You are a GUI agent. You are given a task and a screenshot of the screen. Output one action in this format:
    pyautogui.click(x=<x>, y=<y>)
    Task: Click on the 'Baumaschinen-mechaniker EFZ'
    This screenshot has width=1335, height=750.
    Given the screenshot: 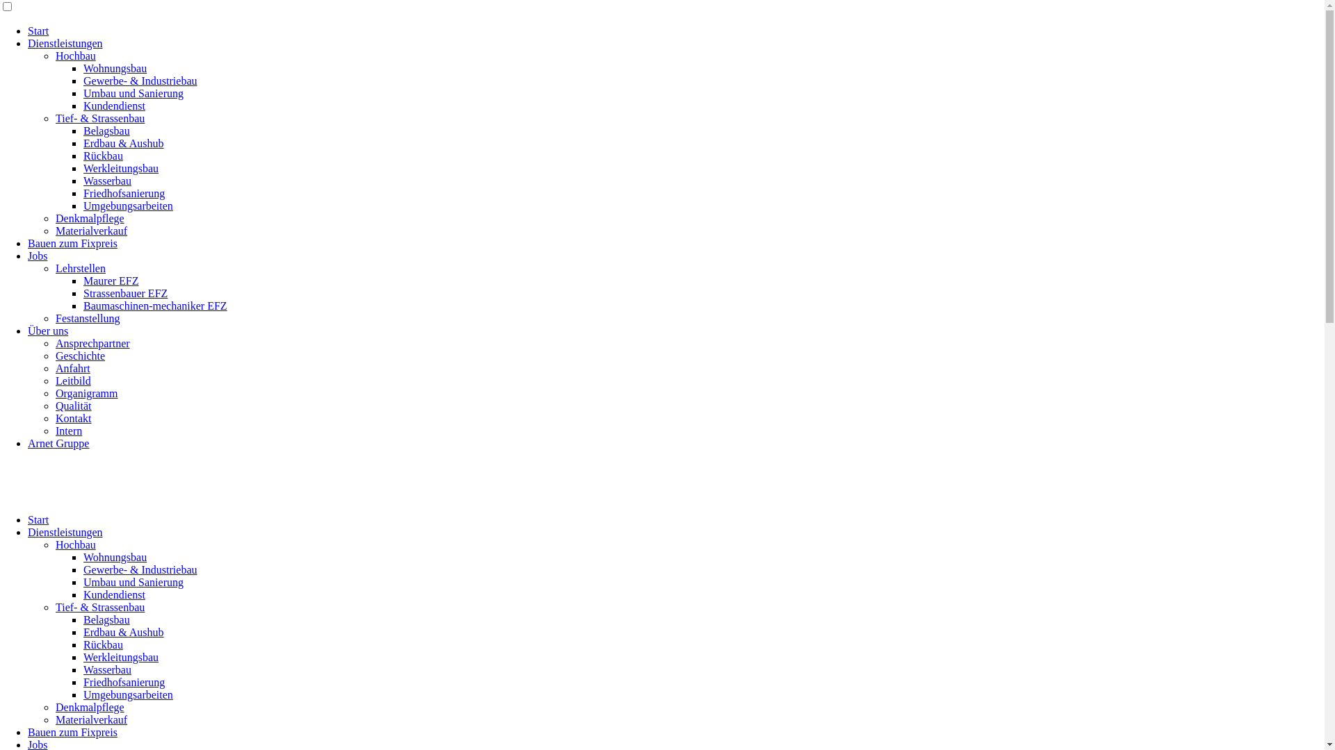 What is the action you would take?
    pyautogui.click(x=155, y=305)
    